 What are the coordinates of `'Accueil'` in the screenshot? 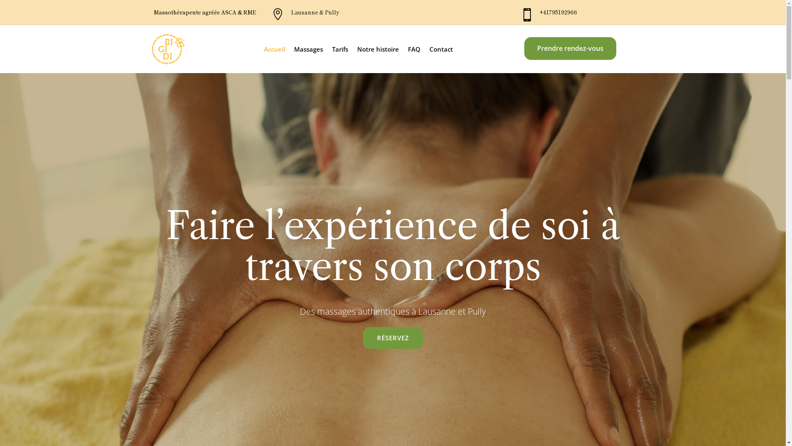 It's located at (274, 49).